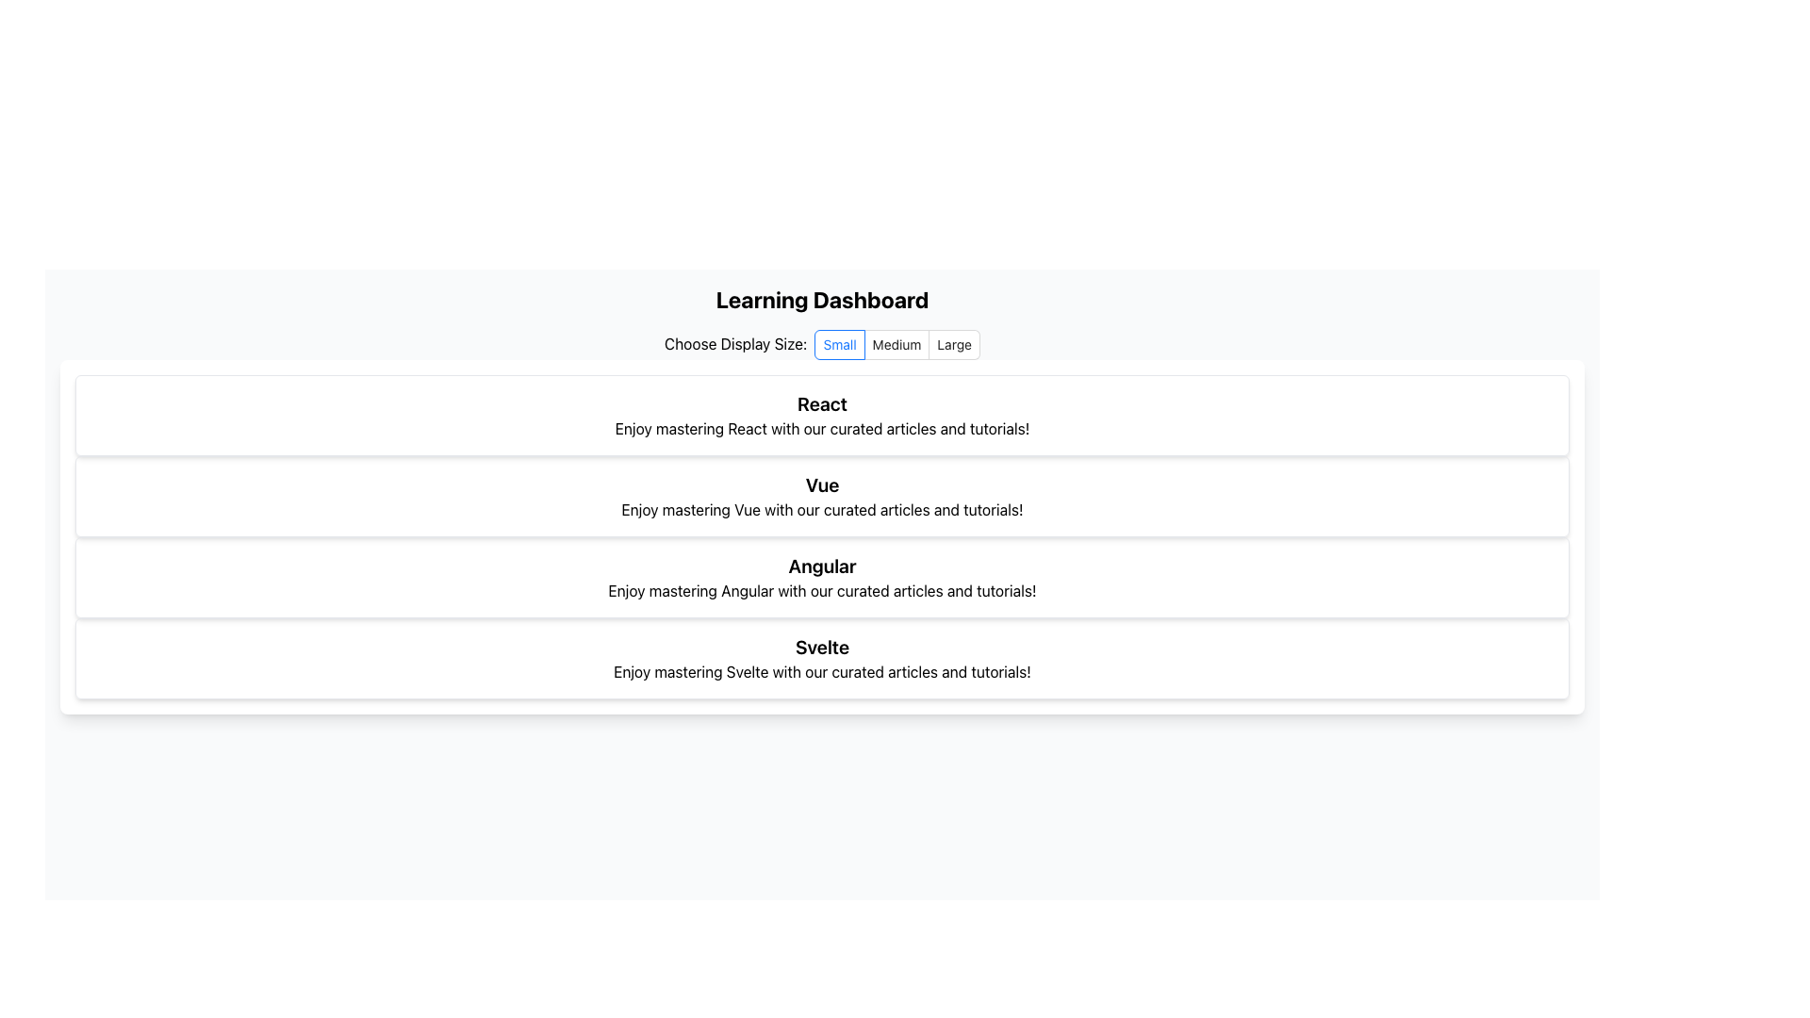 The height and width of the screenshot is (1018, 1810). Describe the element at coordinates (893, 345) in the screenshot. I see `the 'Small' radio button in the display size options group to re-select it` at that location.